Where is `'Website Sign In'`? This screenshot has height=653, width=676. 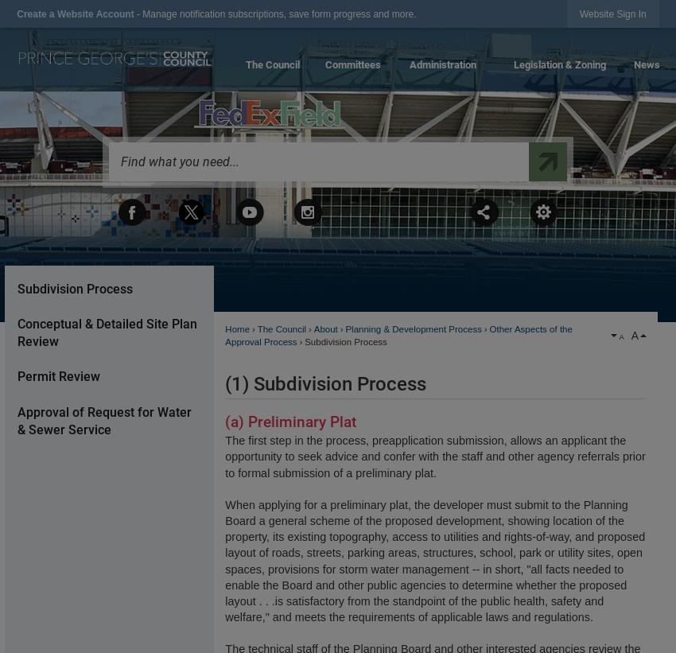 'Website Sign In' is located at coordinates (612, 13).